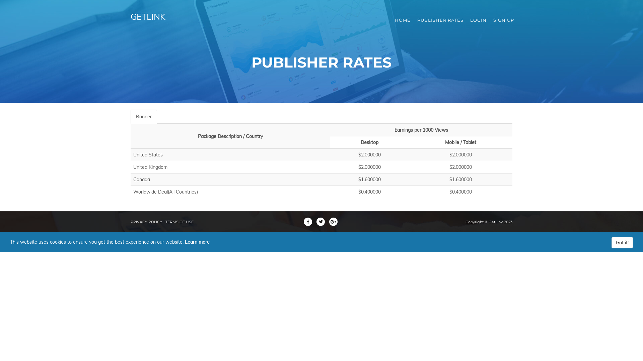  What do you see at coordinates (165, 222) in the screenshot?
I see `'TERMS OF USE'` at bounding box center [165, 222].